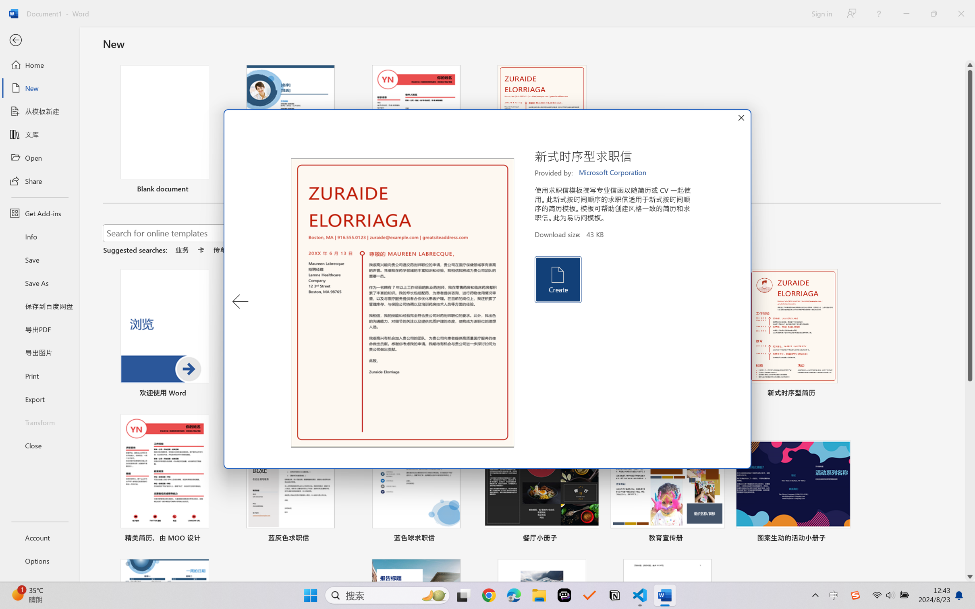 This screenshot has height=609, width=975. What do you see at coordinates (39, 560) in the screenshot?
I see `'Options'` at bounding box center [39, 560].